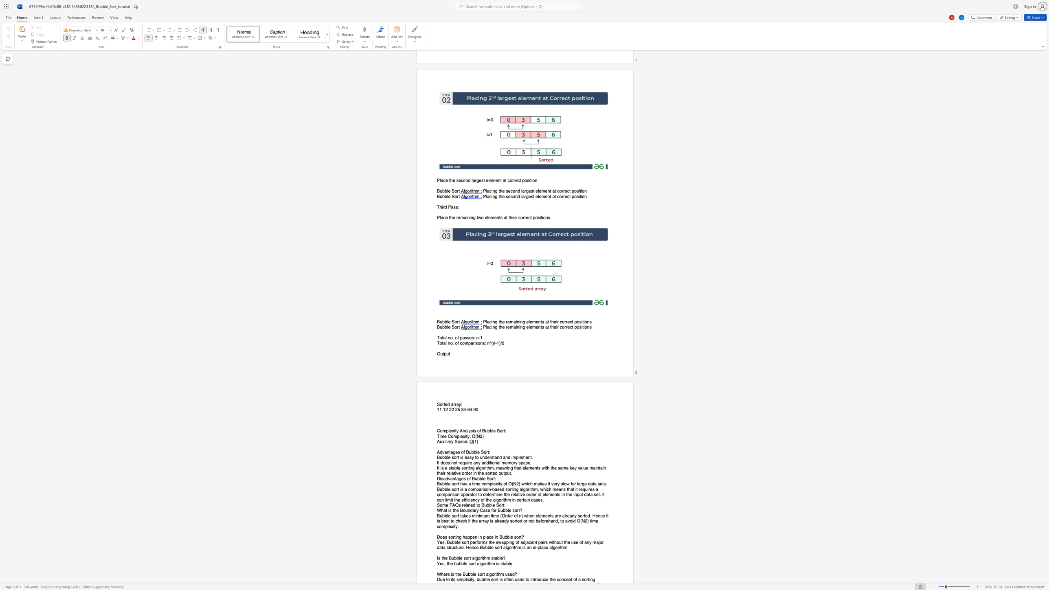 This screenshot has height=590, width=1049. I want to click on the subset text "ve order" within the text "their relative order in the sorted output.", so click(456, 473).